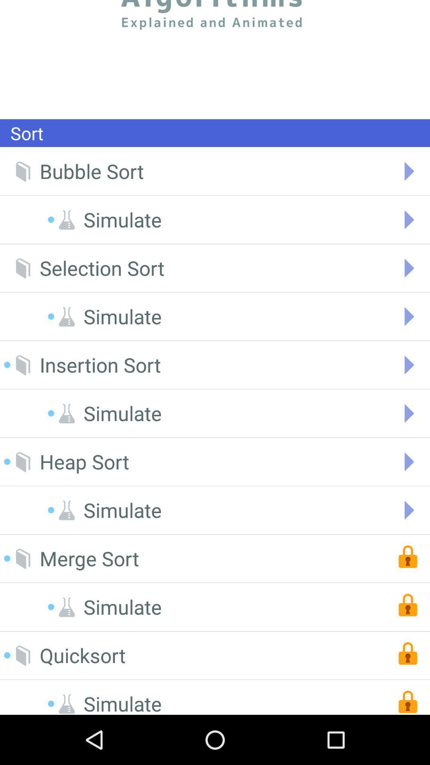  I want to click on the selection sort icon, so click(102, 268).